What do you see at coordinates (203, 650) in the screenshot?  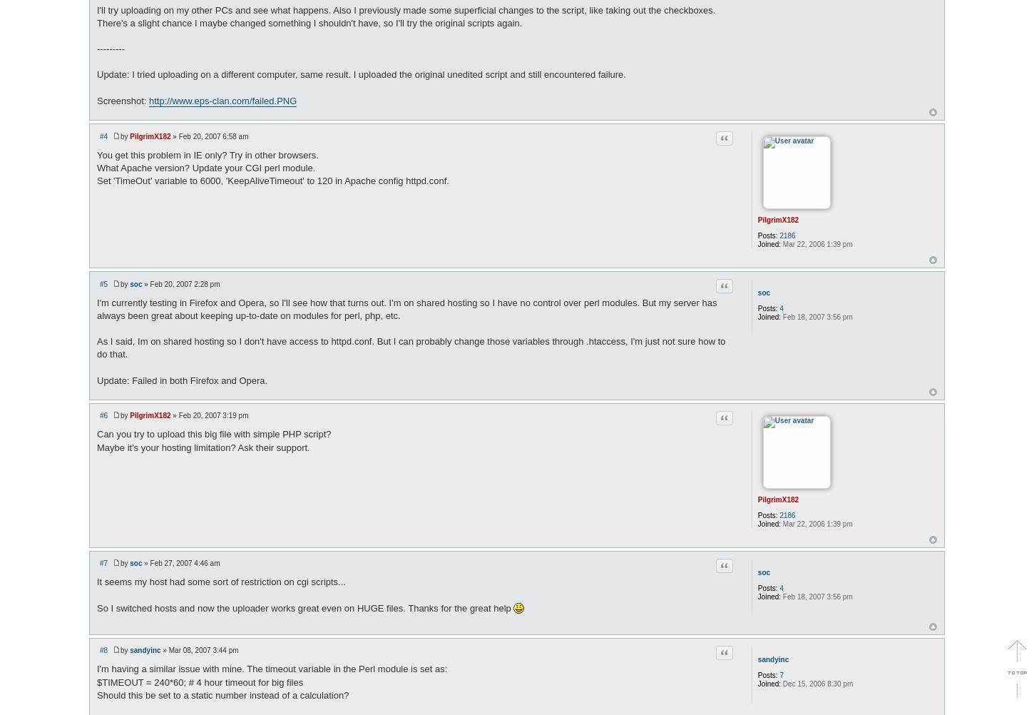 I see `'Mar 08, 2007 3:44 pm'` at bounding box center [203, 650].